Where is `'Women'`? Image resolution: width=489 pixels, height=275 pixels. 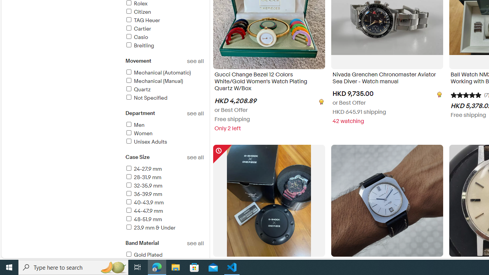
'Women' is located at coordinates (138, 133).